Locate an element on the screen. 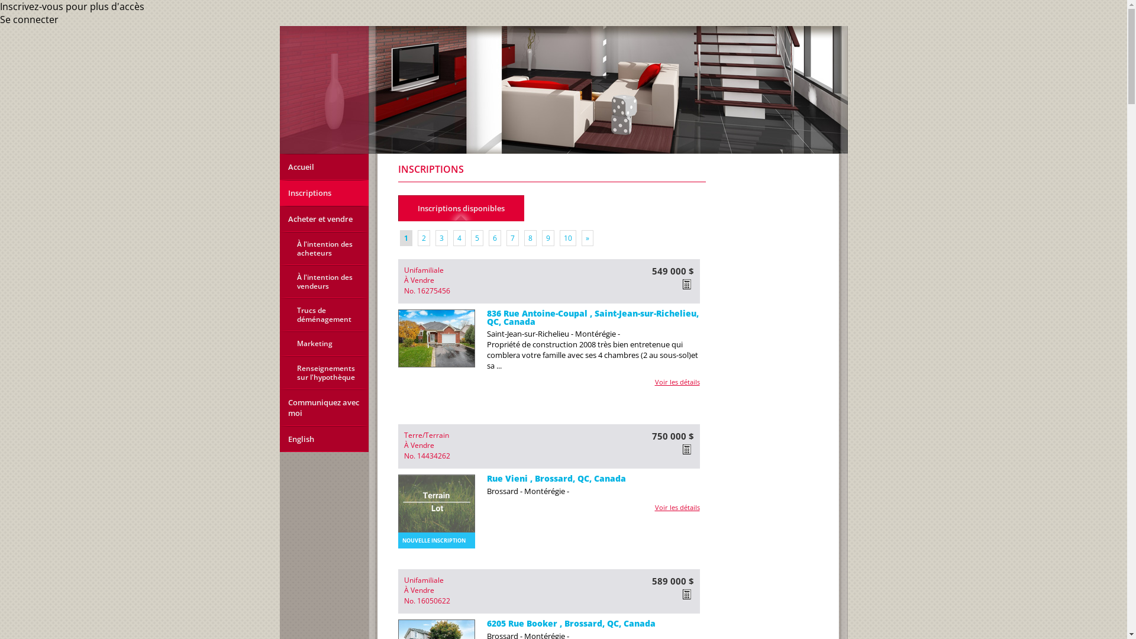  '7' is located at coordinates (512, 238).